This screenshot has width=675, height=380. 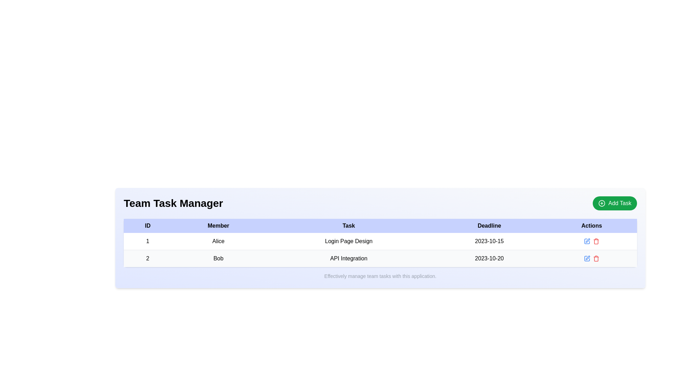 I want to click on the text display field indicating the deadline of the associated task in the 'Team Task Manager' table, located in the fourth column of the first row, to the right of the 'Login Page Design' task field, so click(x=489, y=241).